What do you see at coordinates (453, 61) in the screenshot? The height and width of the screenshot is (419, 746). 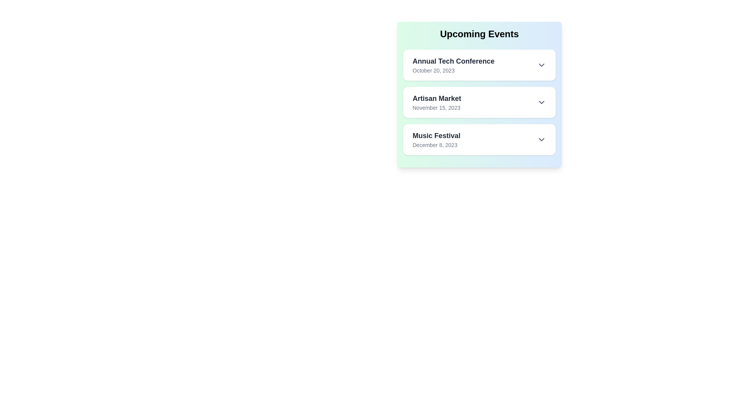 I see `the title label for the first event in the upcoming events list, which is positioned above the date 'October 20, 2023'` at bounding box center [453, 61].